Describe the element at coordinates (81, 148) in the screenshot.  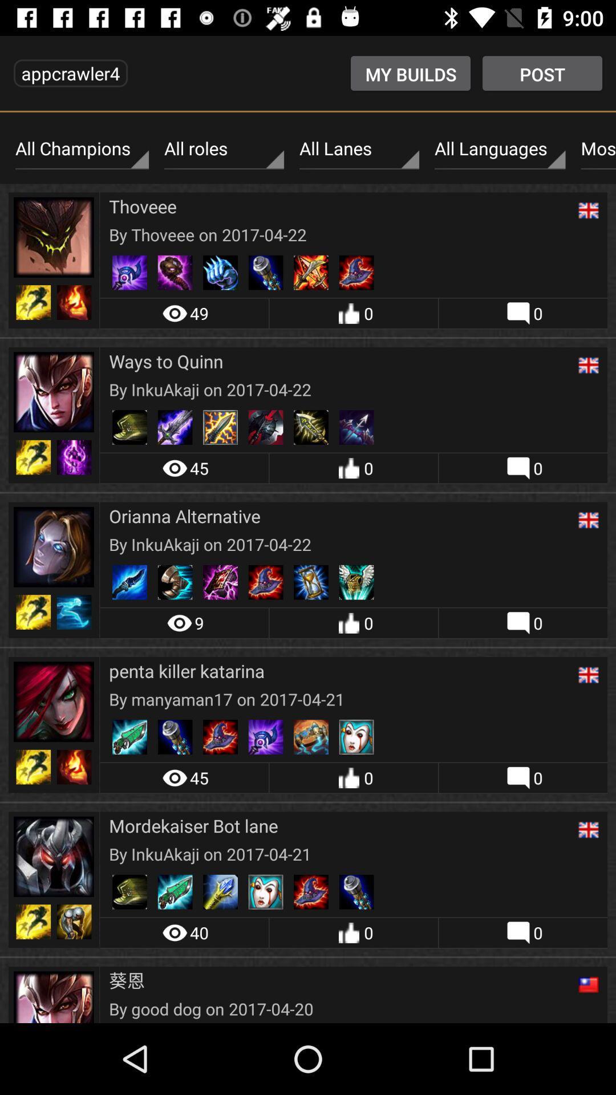
I see `the all champions` at that location.